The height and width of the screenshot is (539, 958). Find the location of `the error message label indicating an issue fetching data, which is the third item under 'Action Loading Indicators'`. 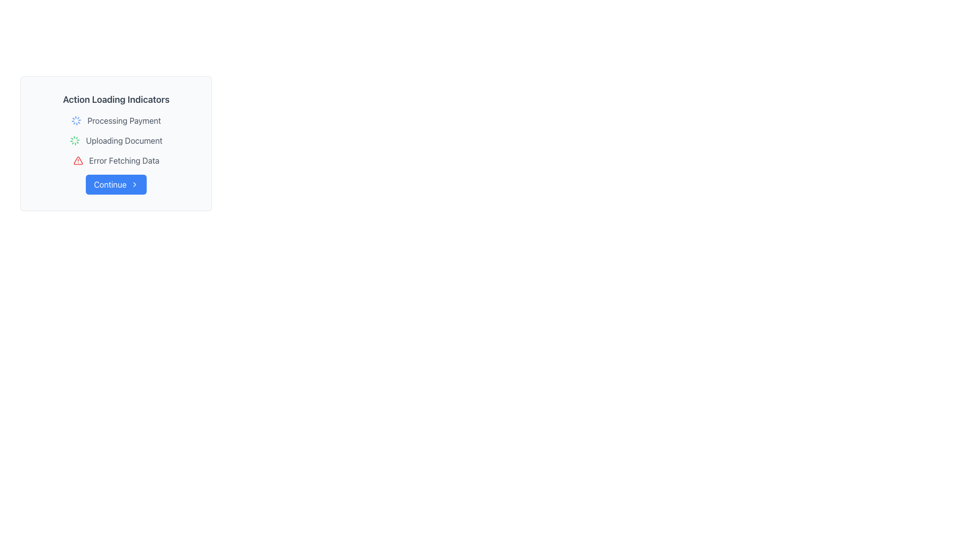

the error message label indicating an issue fetching data, which is the third item under 'Action Loading Indicators' is located at coordinates (116, 160).